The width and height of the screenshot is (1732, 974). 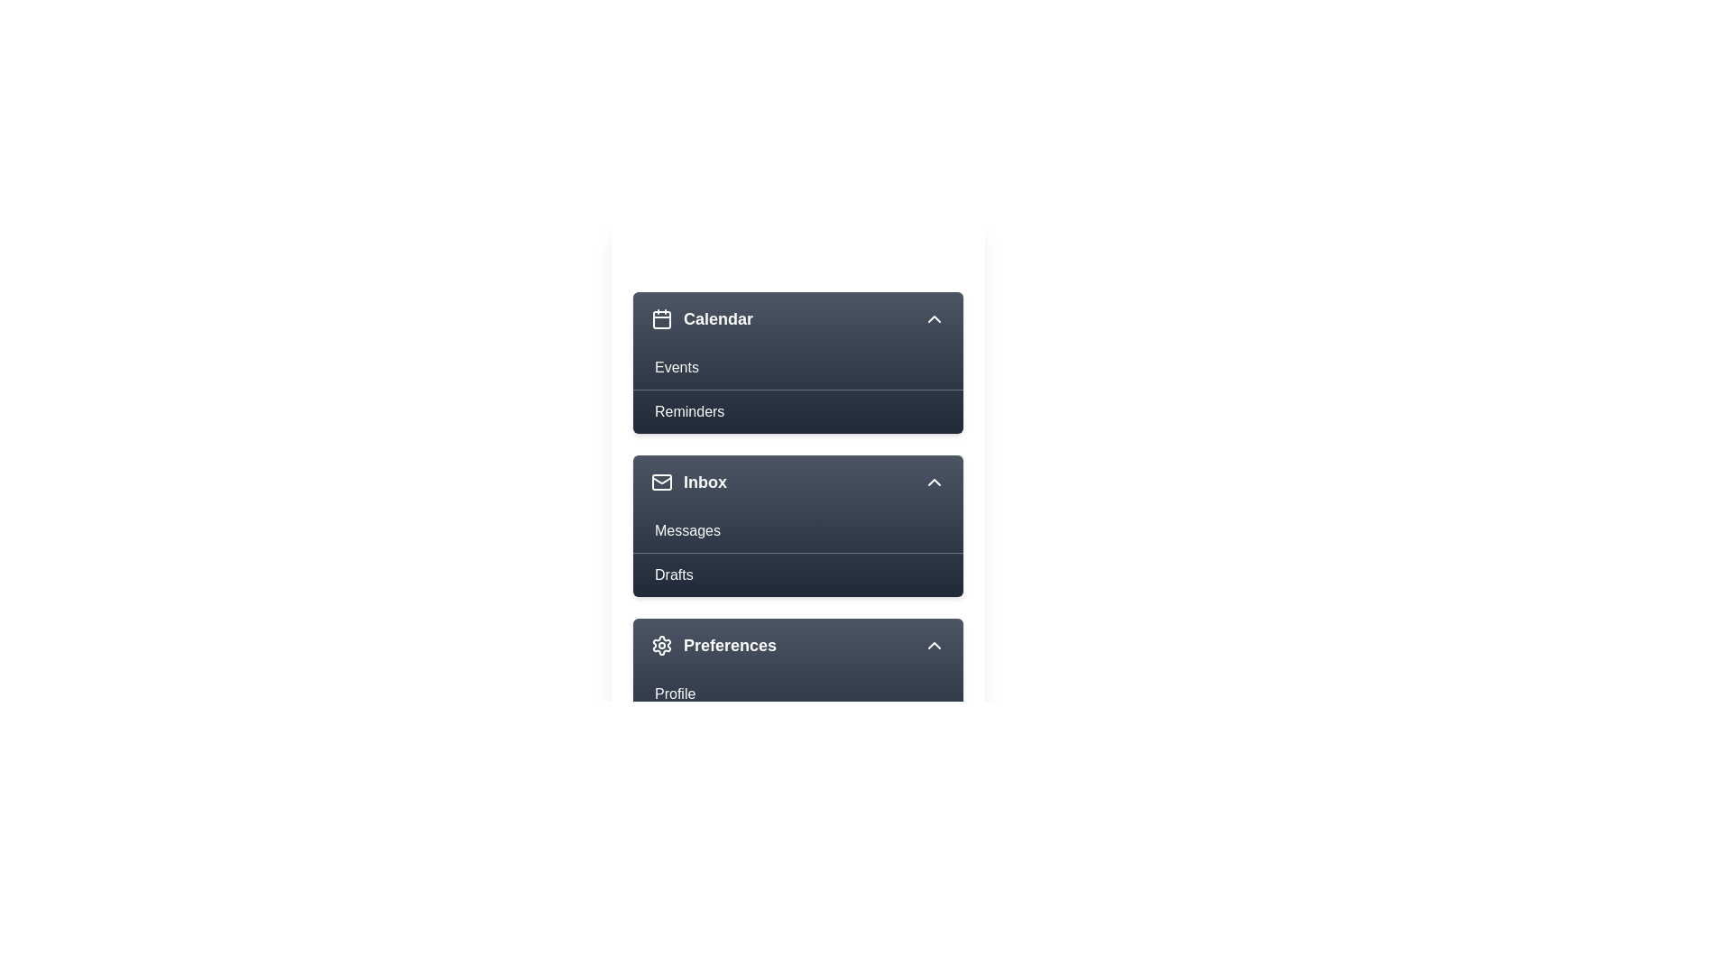 What do you see at coordinates (797, 694) in the screenshot?
I see `the menu item Profile from the section Preferences` at bounding box center [797, 694].